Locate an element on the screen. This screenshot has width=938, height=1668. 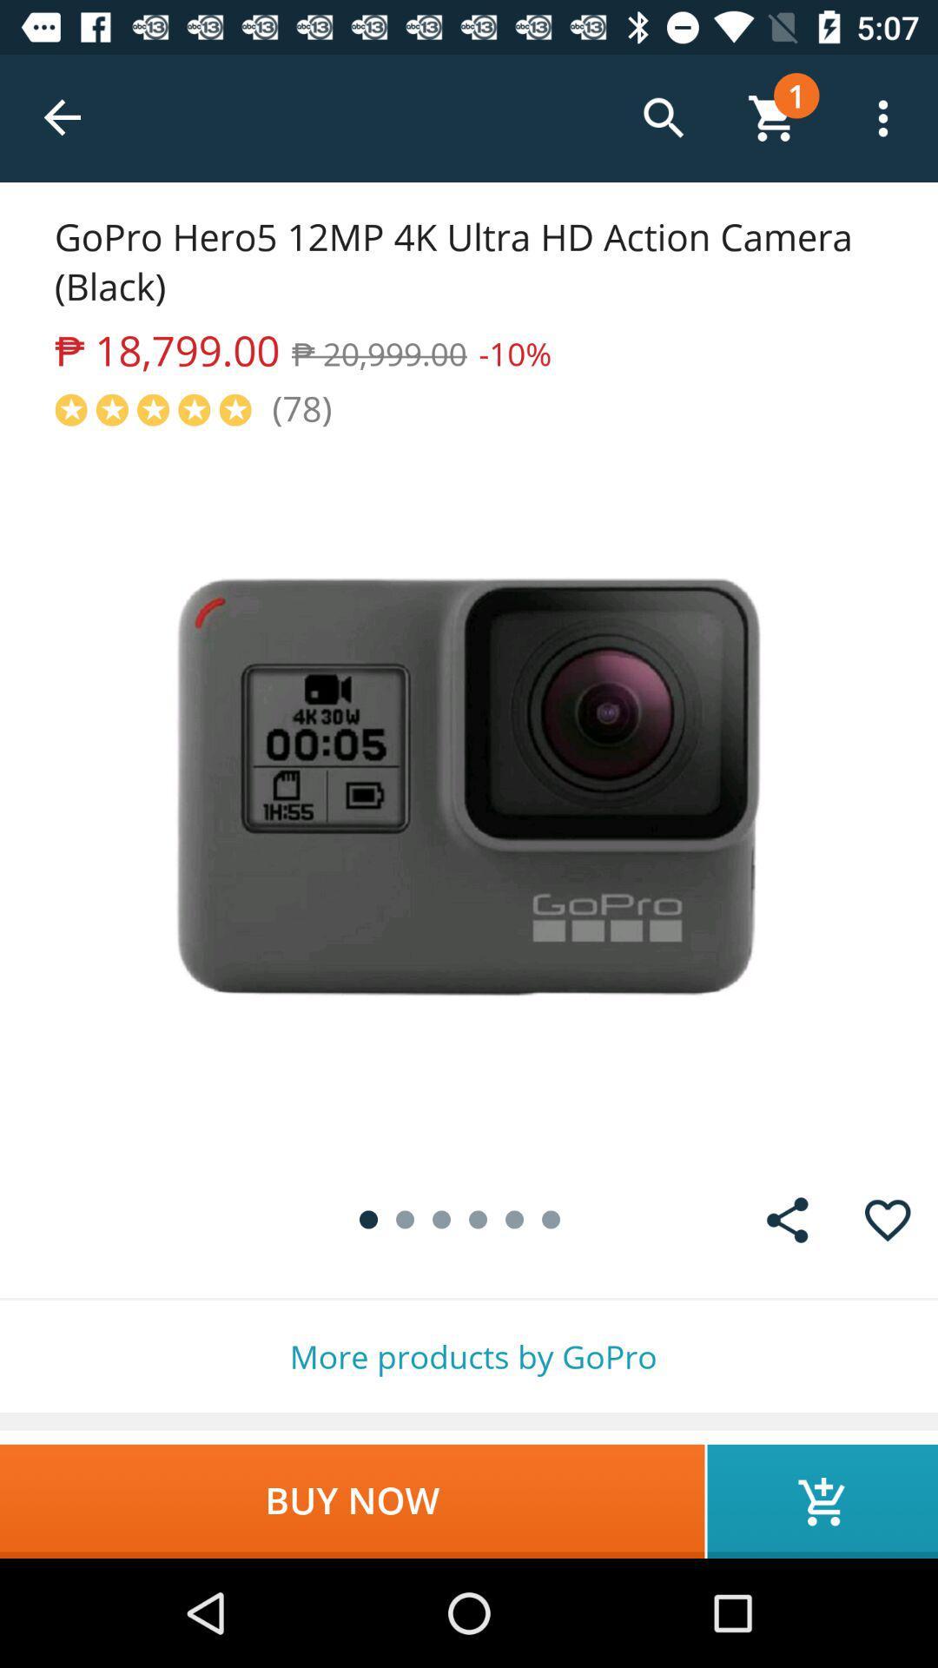
gallary is located at coordinates (787, 1219).